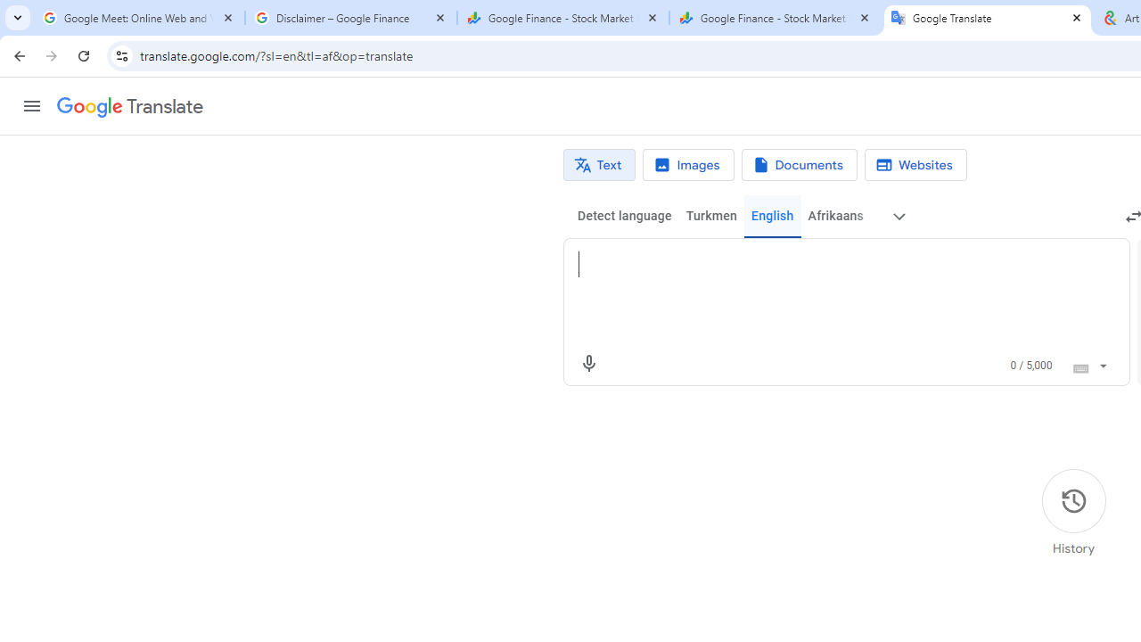 The height and width of the screenshot is (642, 1141). I want to click on 'Text translation', so click(599, 165).